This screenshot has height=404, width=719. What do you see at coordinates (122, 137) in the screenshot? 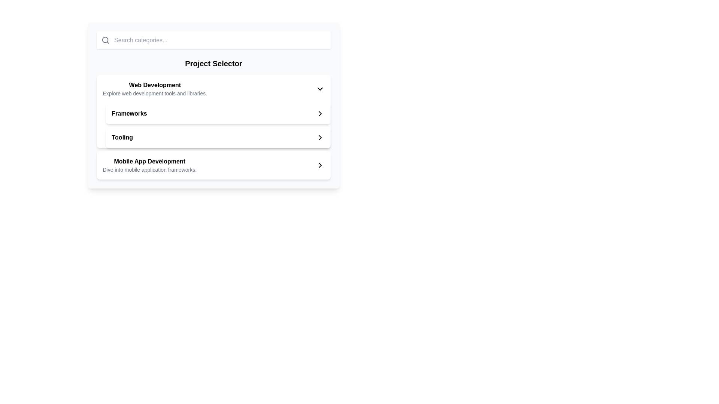
I see `the 'Tooling' text label, which is the second option under the 'Web Development' category` at bounding box center [122, 137].